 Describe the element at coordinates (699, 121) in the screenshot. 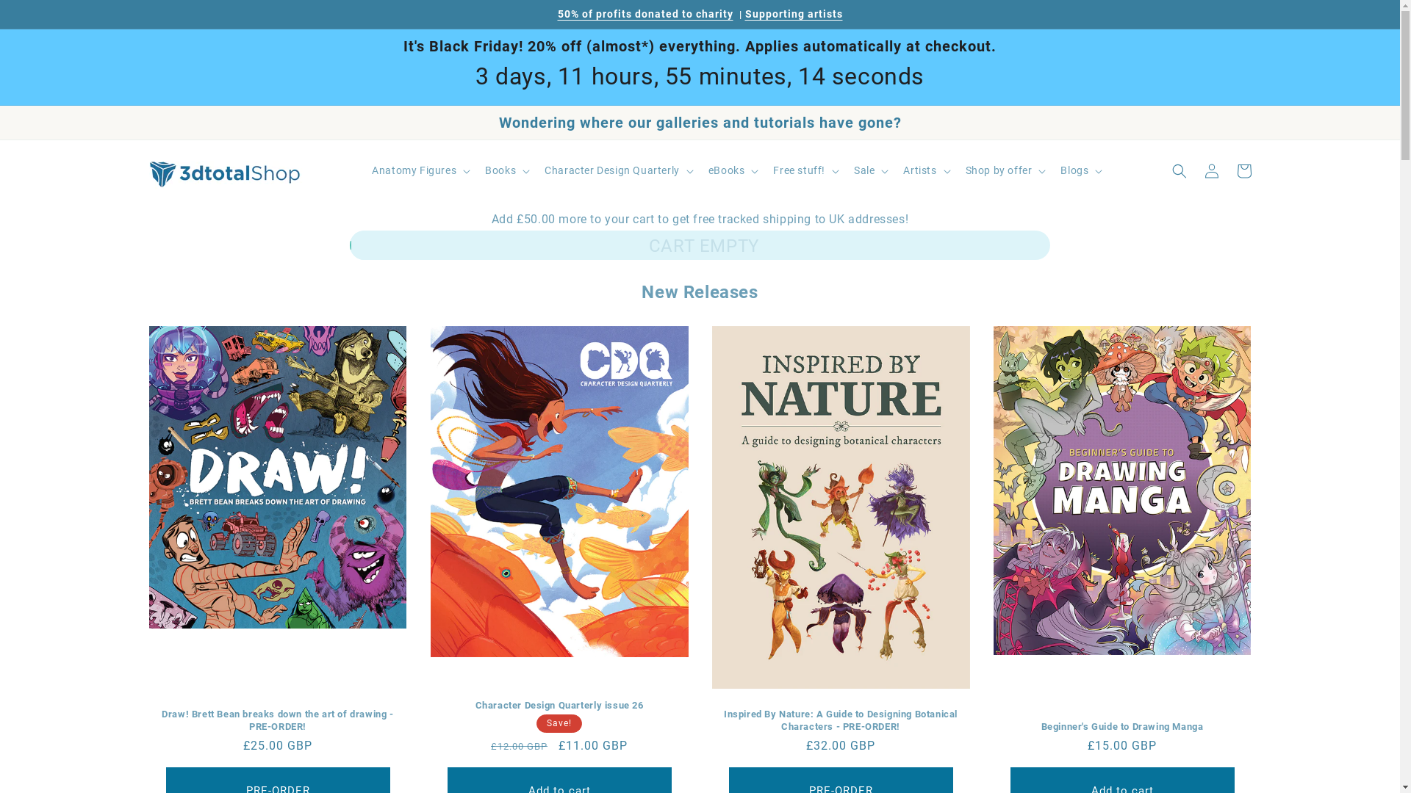

I see `'Wondering where our galleries and tutorials have gone?'` at that location.